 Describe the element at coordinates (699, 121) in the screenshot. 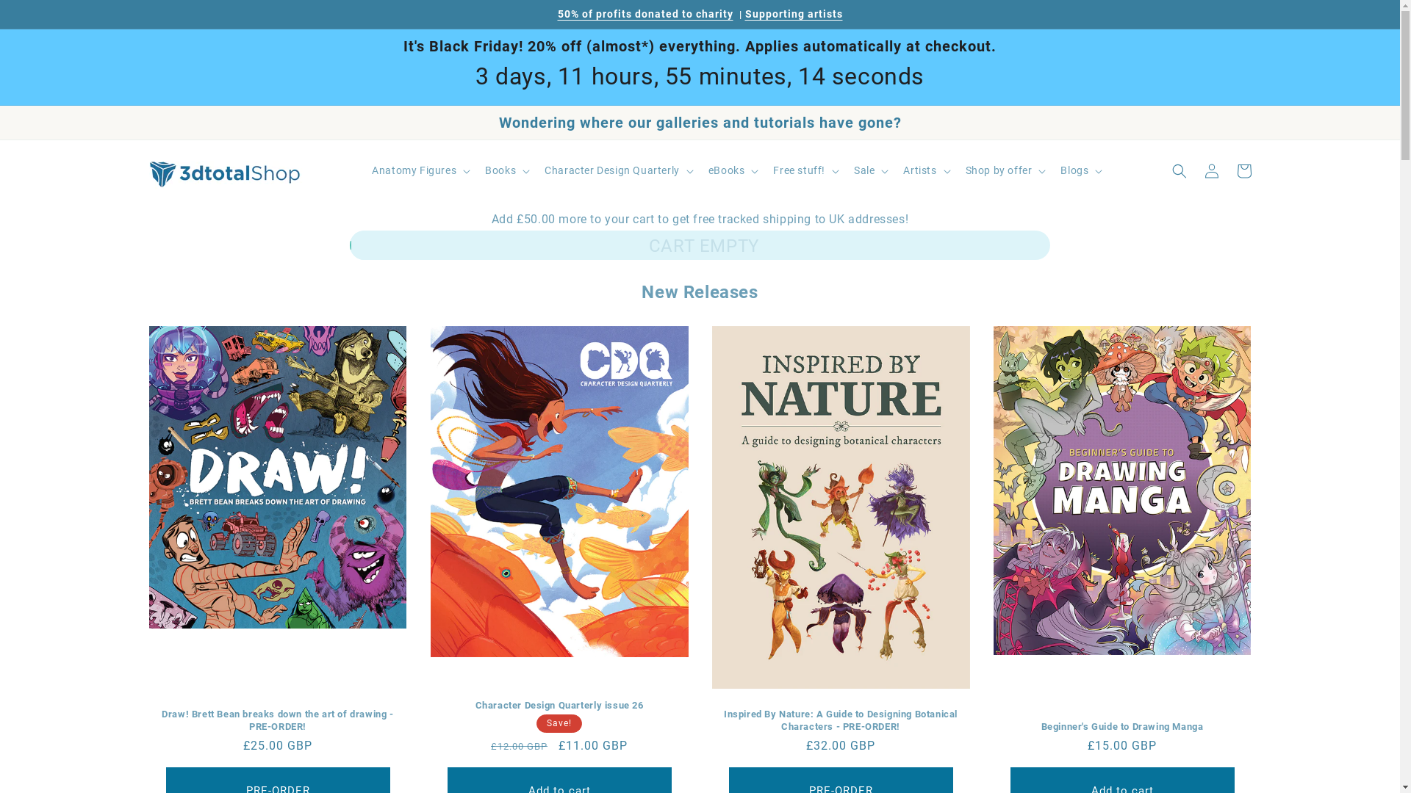

I see `'Wondering where our galleries and tutorials have gone?'` at that location.